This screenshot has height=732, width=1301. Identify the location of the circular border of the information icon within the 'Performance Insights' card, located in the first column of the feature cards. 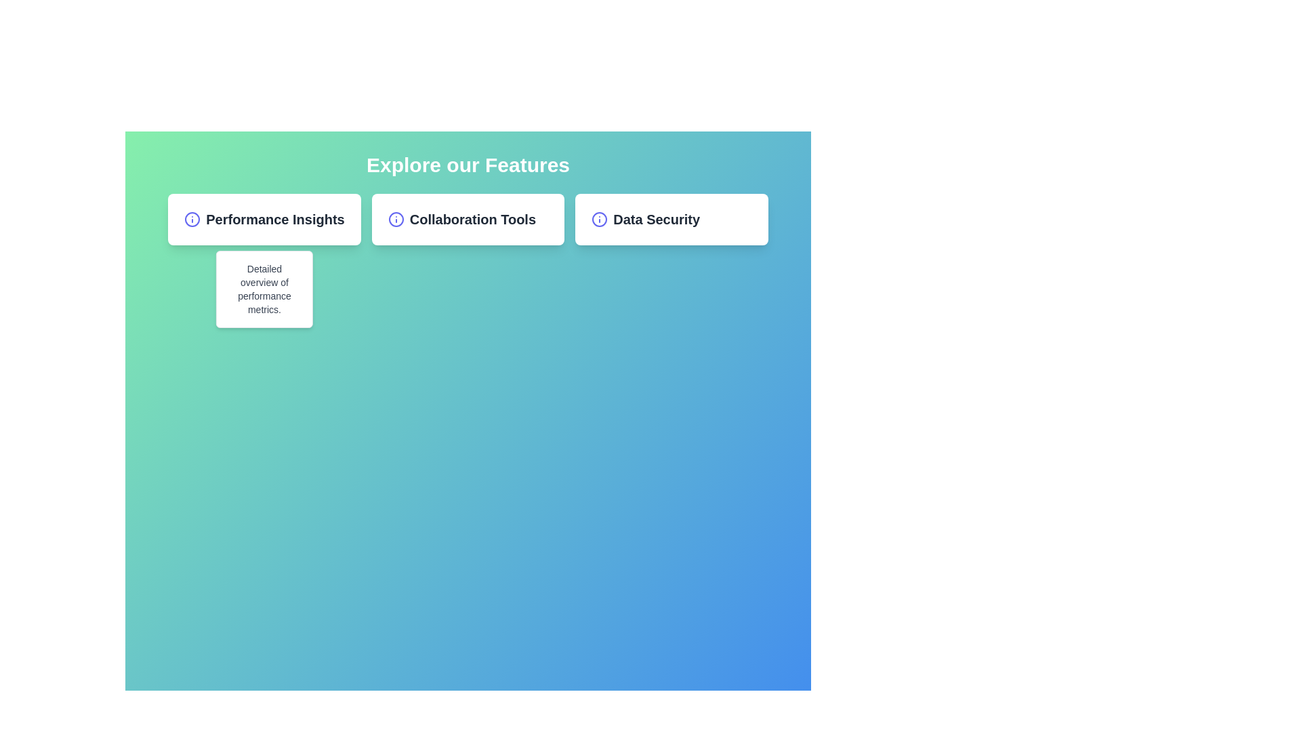
(192, 219).